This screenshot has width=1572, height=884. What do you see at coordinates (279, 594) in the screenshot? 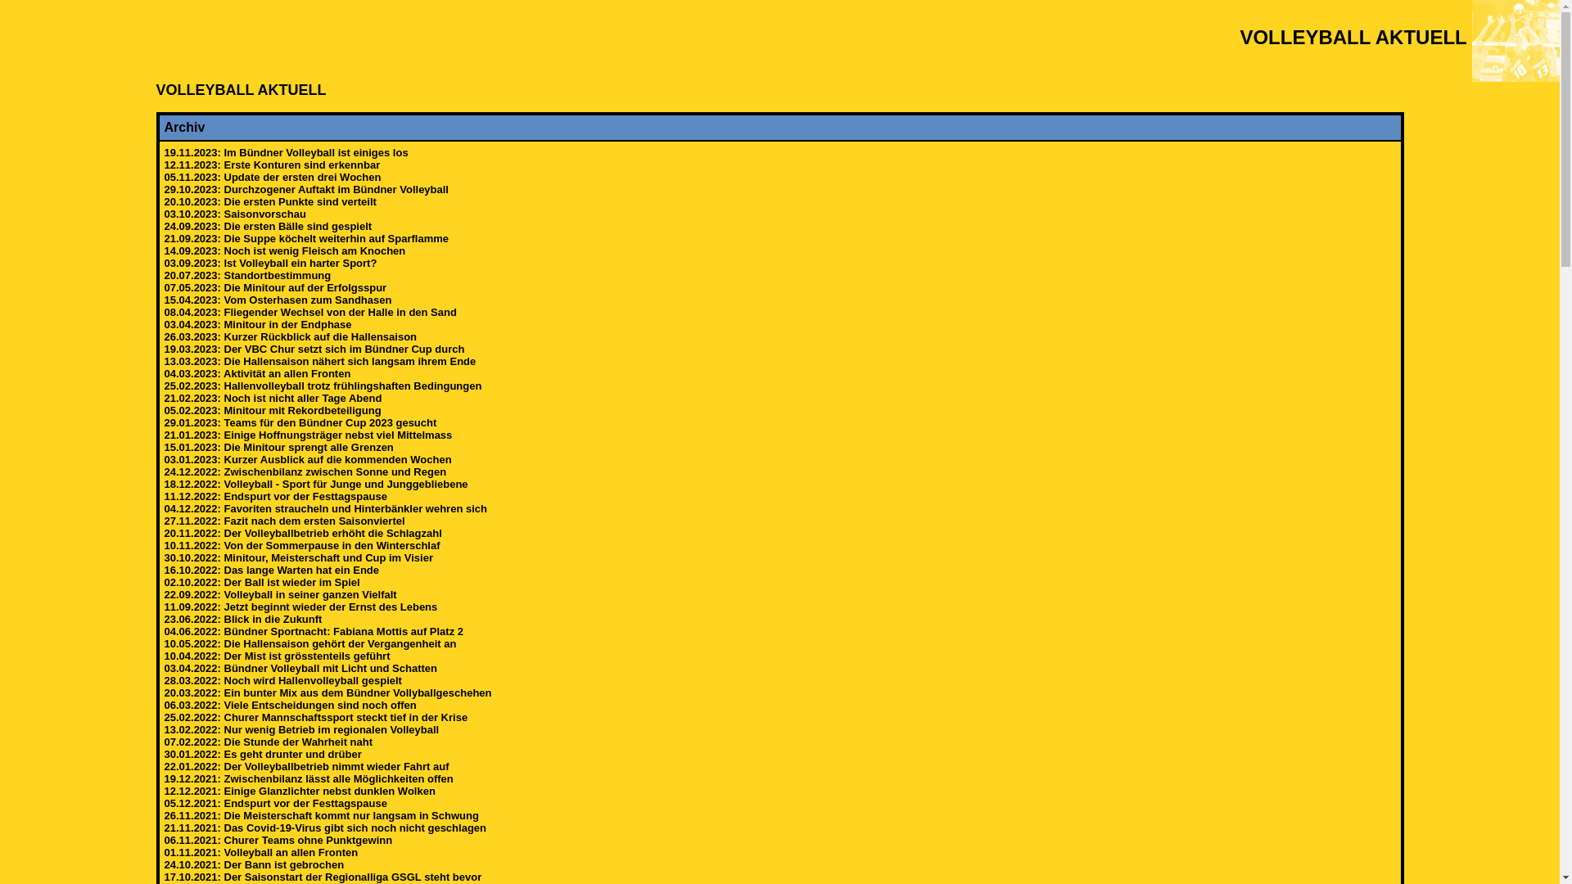
I see `'22.09.2022: Volleyball in seiner ganzen Vielfalt'` at bounding box center [279, 594].